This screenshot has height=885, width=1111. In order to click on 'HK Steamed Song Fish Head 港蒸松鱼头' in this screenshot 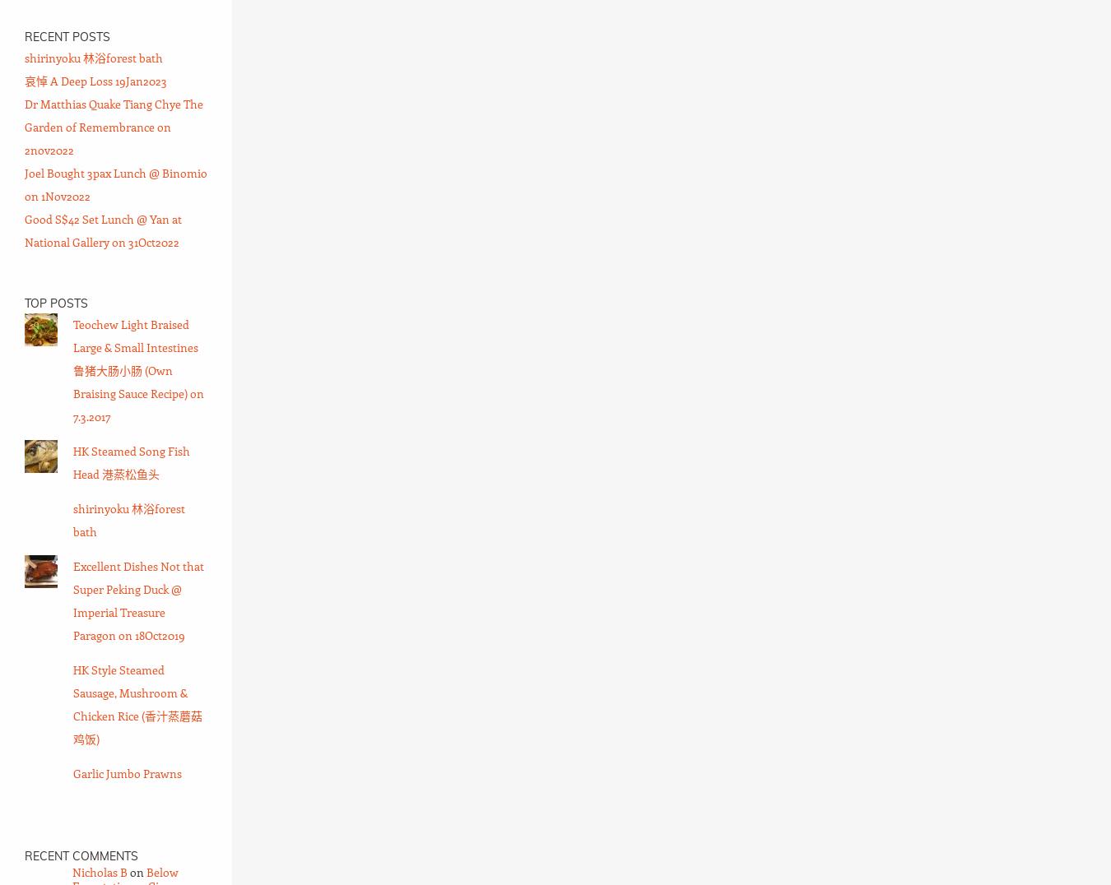, I will do `click(131, 461)`.